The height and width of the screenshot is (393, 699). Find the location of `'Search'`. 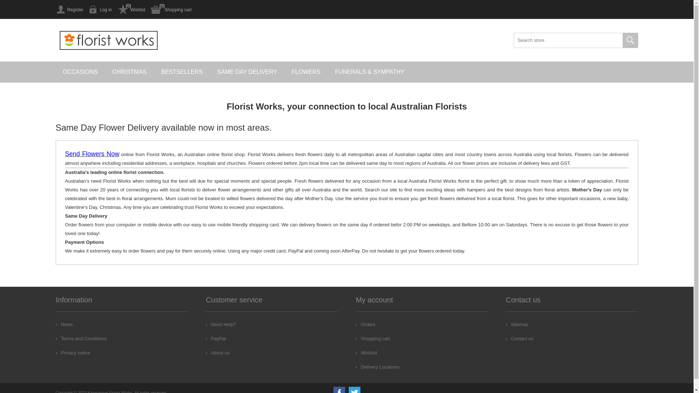

'Search' is located at coordinates (630, 40).